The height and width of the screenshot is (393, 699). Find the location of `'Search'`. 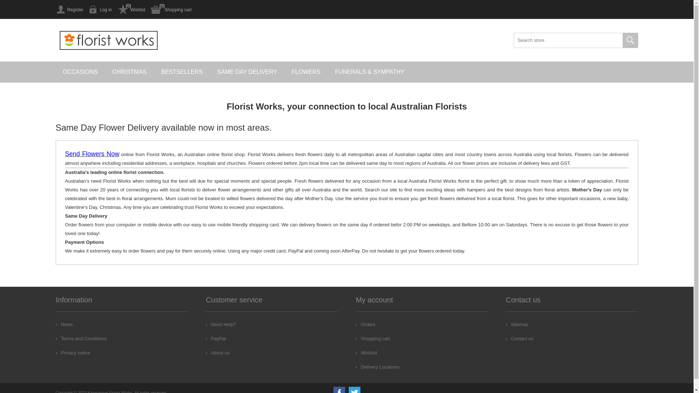

'Search' is located at coordinates (630, 40).